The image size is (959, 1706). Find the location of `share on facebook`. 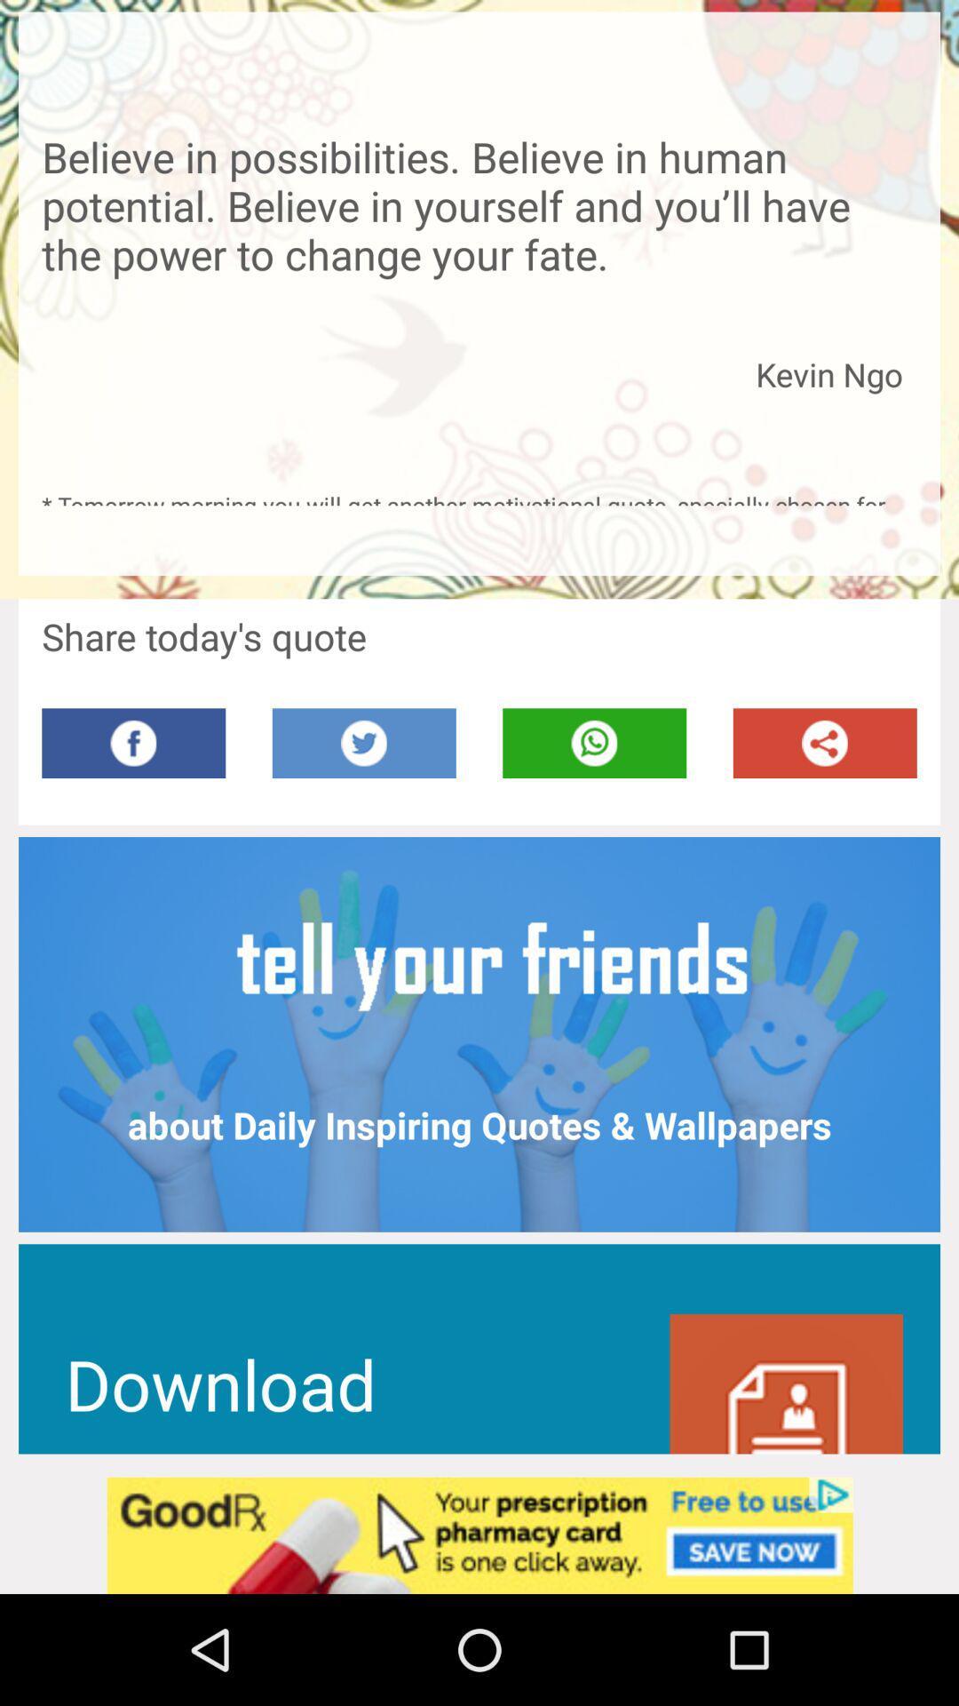

share on facebook is located at coordinates (132, 743).